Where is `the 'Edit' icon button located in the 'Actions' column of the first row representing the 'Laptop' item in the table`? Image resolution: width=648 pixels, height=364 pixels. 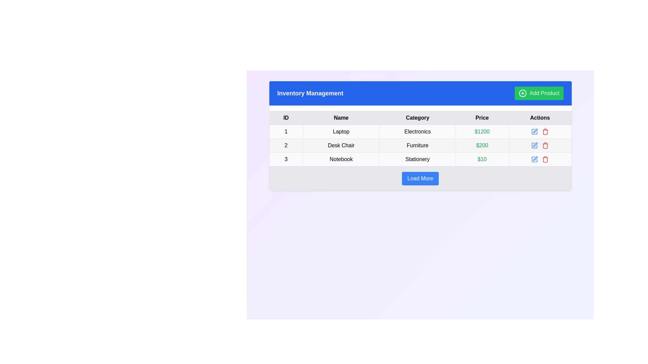
the 'Edit' icon button located in the 'Actions' column of the first row representing the 'Laptop' item in the table is located at coordinates (534, 131).